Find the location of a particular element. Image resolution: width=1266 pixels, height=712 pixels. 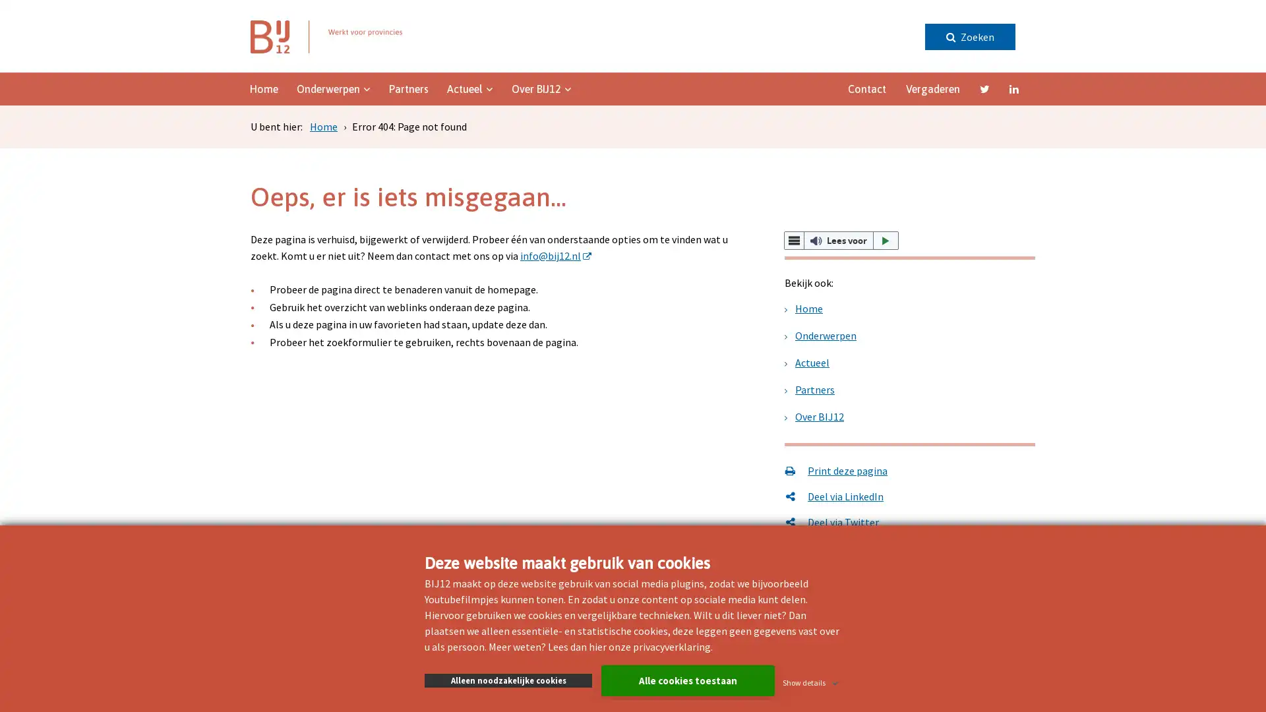

Scroll naar de bovenkant van deze pagina is located at coordinates (1217, 338).